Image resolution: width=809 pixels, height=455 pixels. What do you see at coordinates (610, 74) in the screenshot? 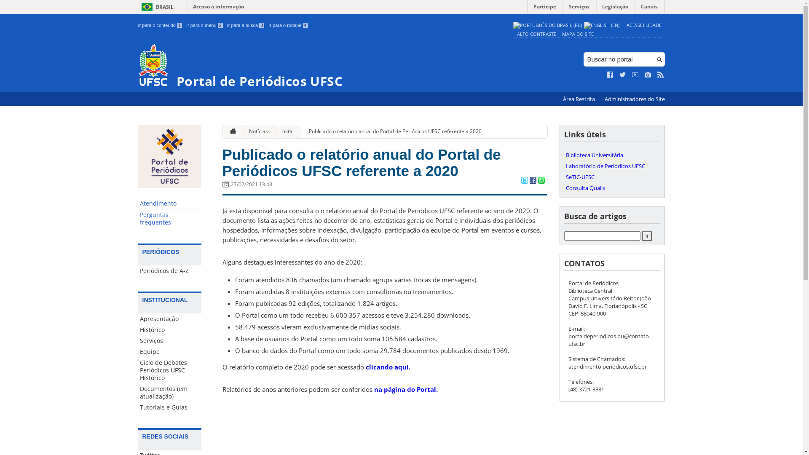
I see `'Curta no Facebook'` at bounding box center [610, 74].